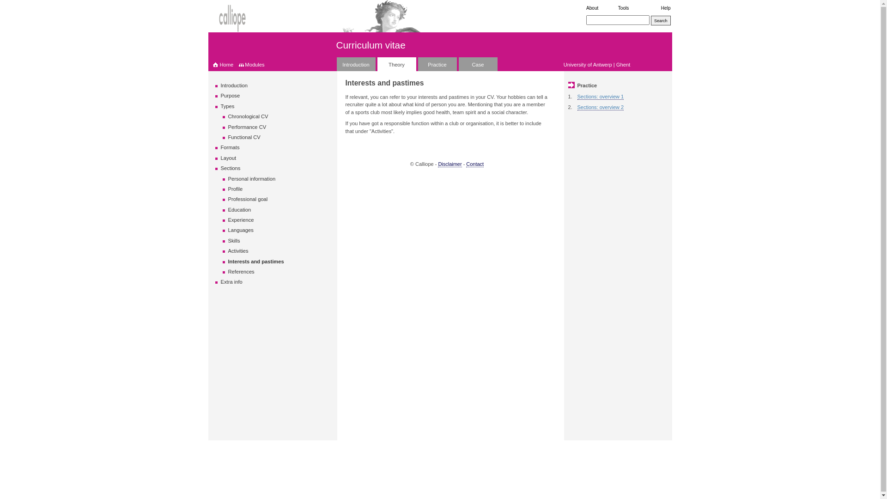 The width and height of the screenshot is (887, 499). Describe the element at coordinates (220, 85) in the screenshot. I see `'Introduction'` at that location.